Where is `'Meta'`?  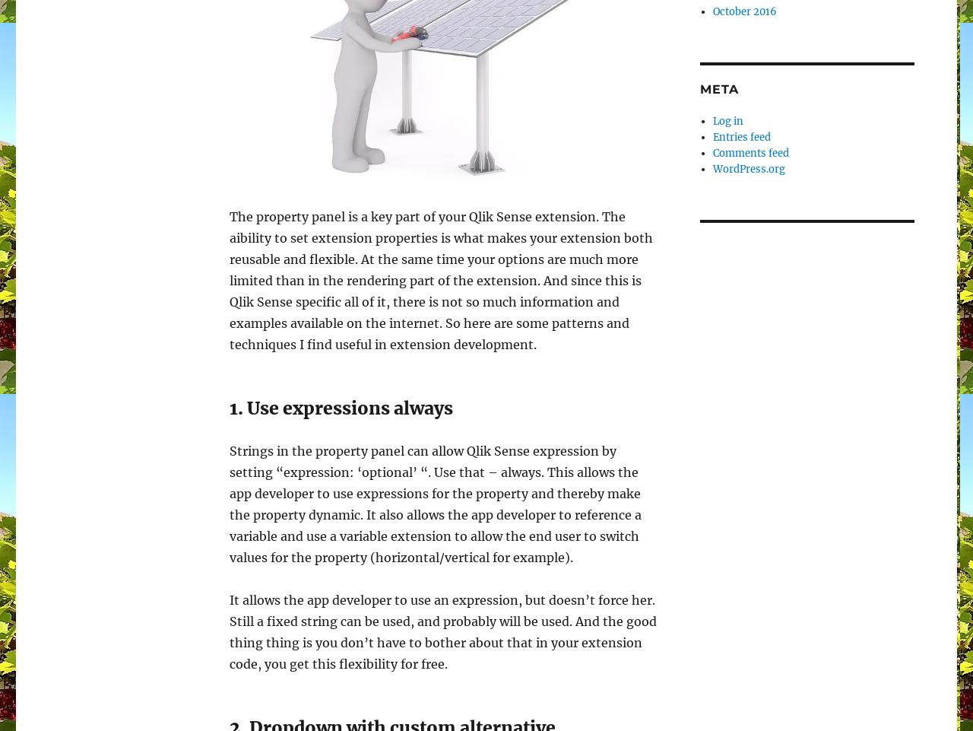 'Meta' is located at coordinates (718, 88).